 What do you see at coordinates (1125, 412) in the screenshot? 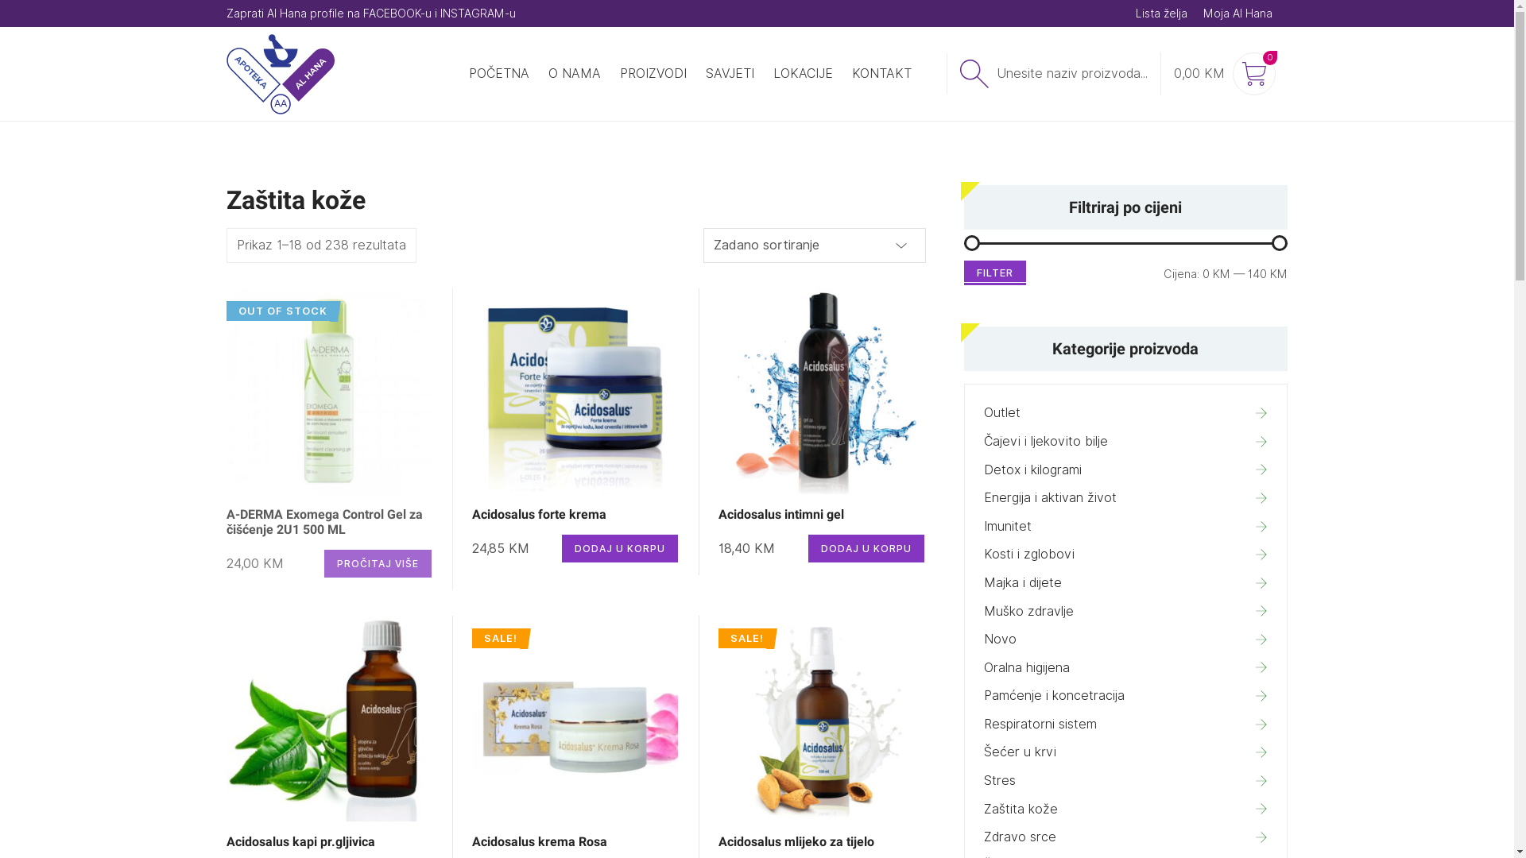
I see `'Outlet'` at bounding box center [1125, 412].